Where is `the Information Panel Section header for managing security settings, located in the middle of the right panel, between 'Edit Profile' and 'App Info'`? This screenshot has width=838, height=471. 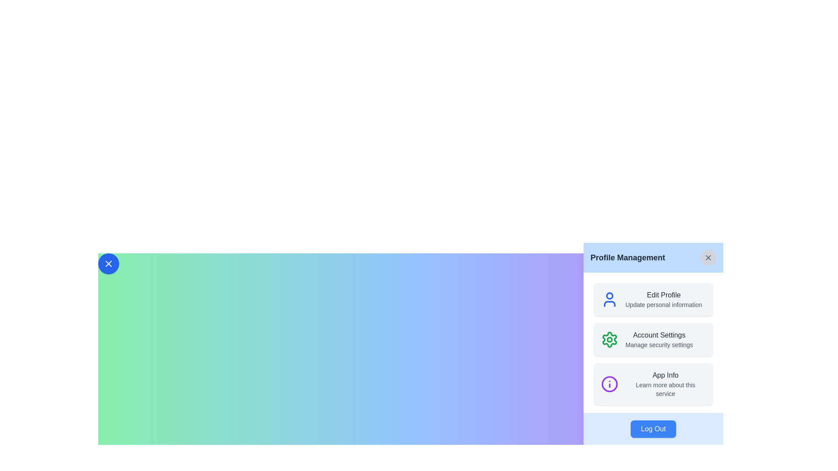
the Information Panel Section header for managing security settings, located in the middle of the right panel, between 'Edit Profile' and 'App Info' is located at coordinates (653, 339).